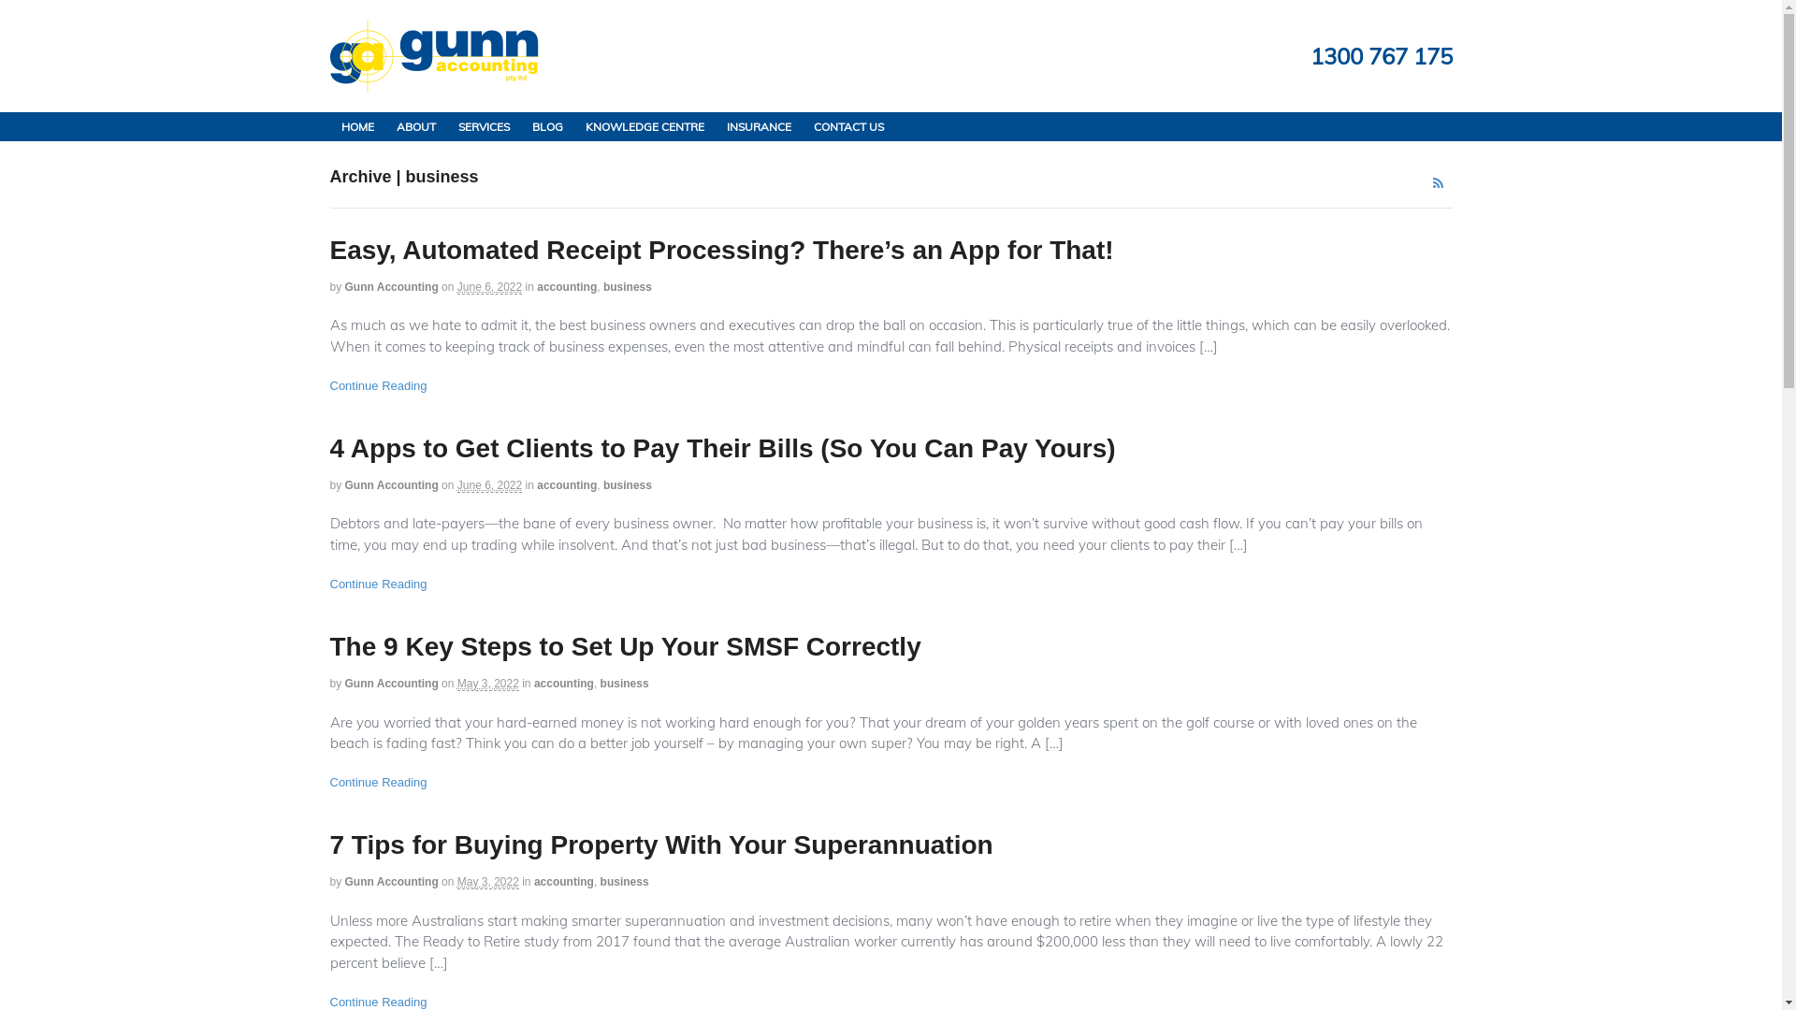 Image resolution: width=1796 pixels, height=1010 pixels. What do you see at coordinates (847, 126) in the screenshot?
I see `'CONTACT US'` at bounding box center [847, 126].